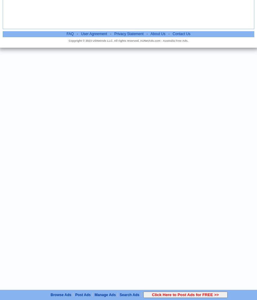 The height and width of the screenshot is (300, 257). I want to click on 'User Agreement', so click(93, 34).